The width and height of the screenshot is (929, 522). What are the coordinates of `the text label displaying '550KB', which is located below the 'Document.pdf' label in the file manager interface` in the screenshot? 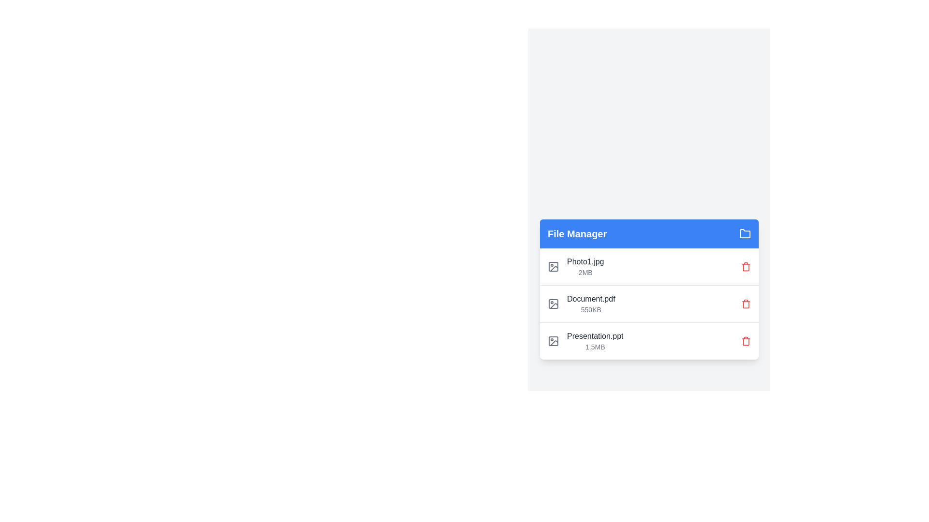 It's located at (590, 309).